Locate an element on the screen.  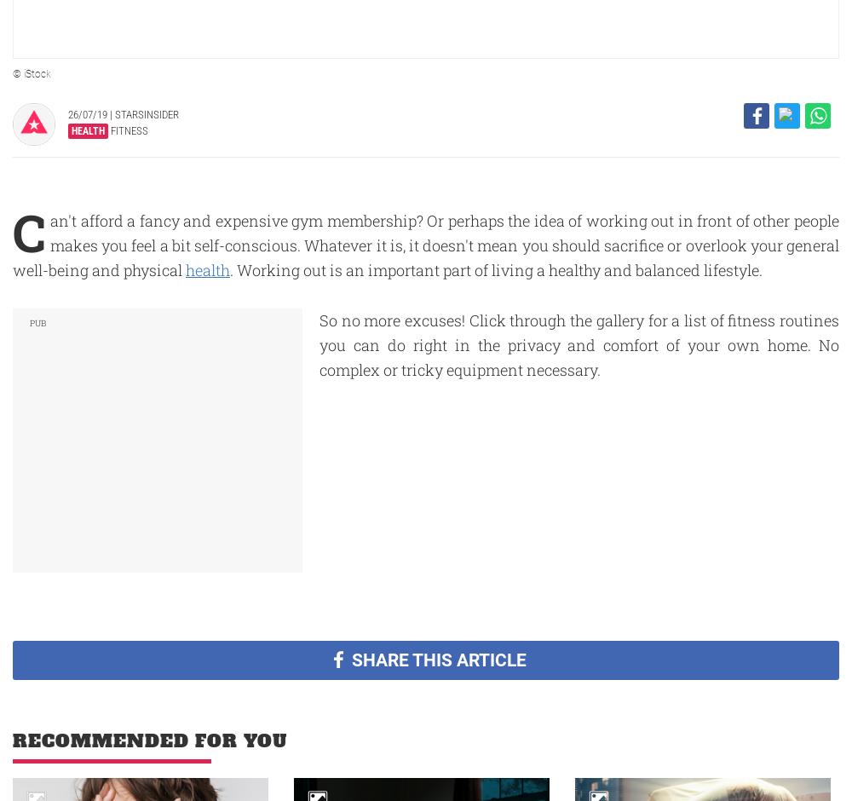
'Fitness' is located at coordinates (108, 130).